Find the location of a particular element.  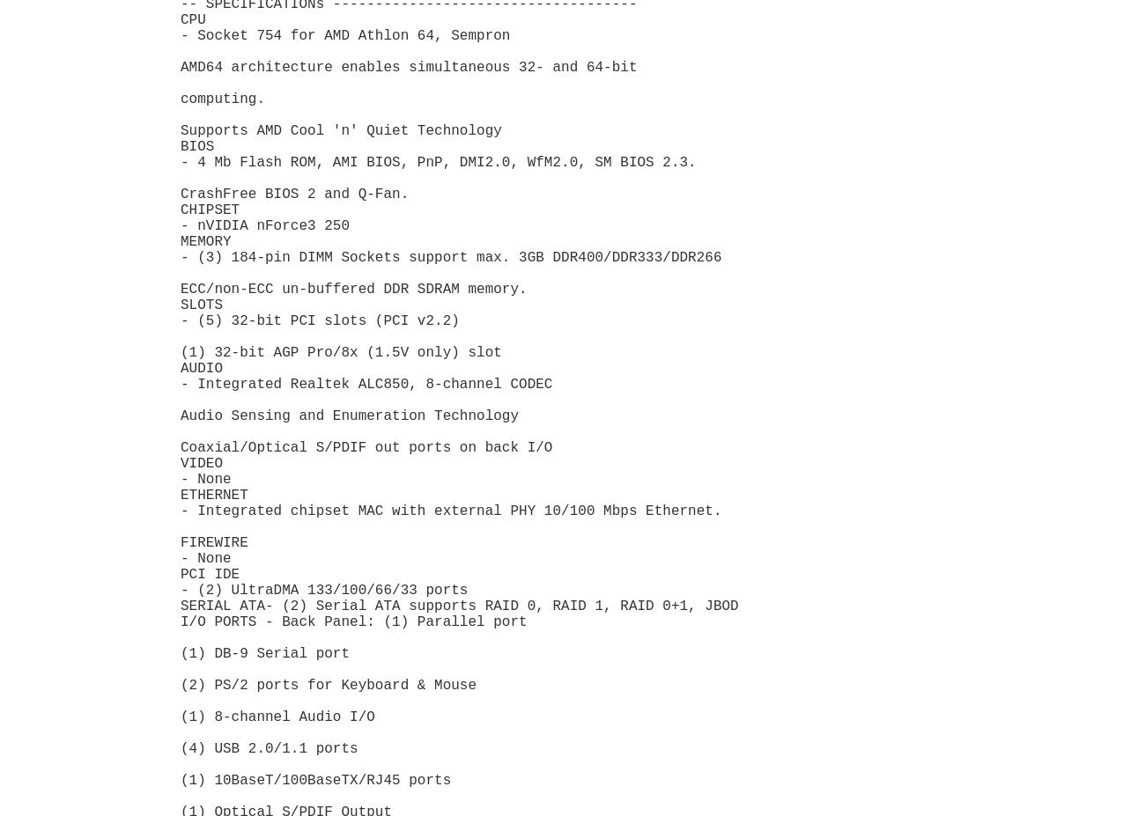

'AUDIO
- Integrated Realtek ALC850, 8-channel CODEC' is located at coordinates (366, 375).